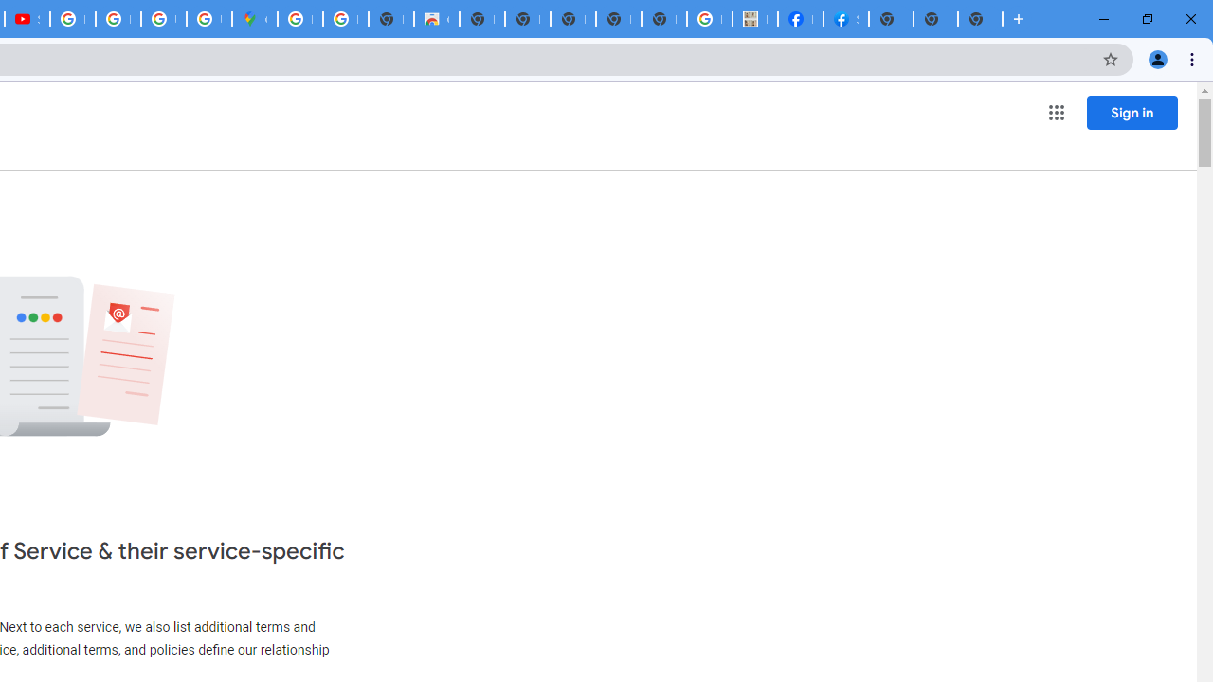  What do you see at coordinates (72, 19) in the screenshot?
I see `'How Chrome protects your passwords - Google Chrome Help'` at bounding box center [72, 19].